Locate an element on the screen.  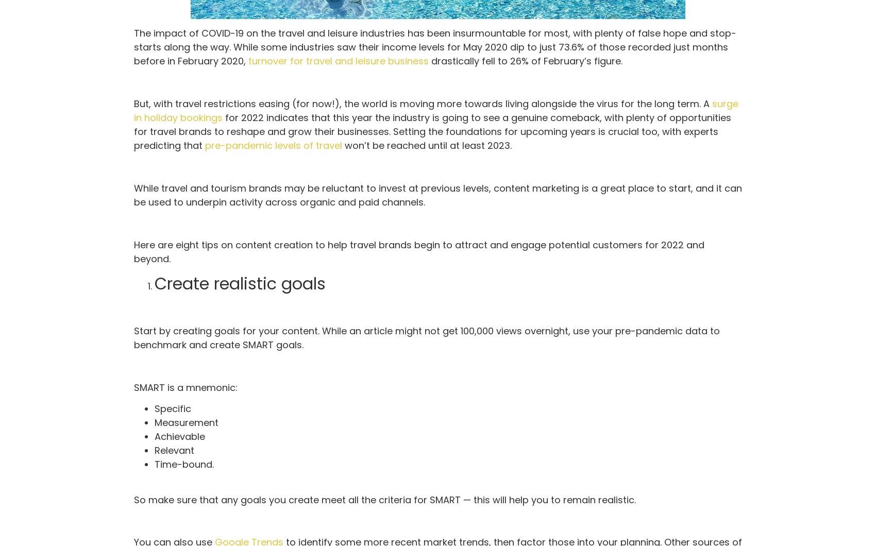
'Achievable' is located at coordinates (179, 436).